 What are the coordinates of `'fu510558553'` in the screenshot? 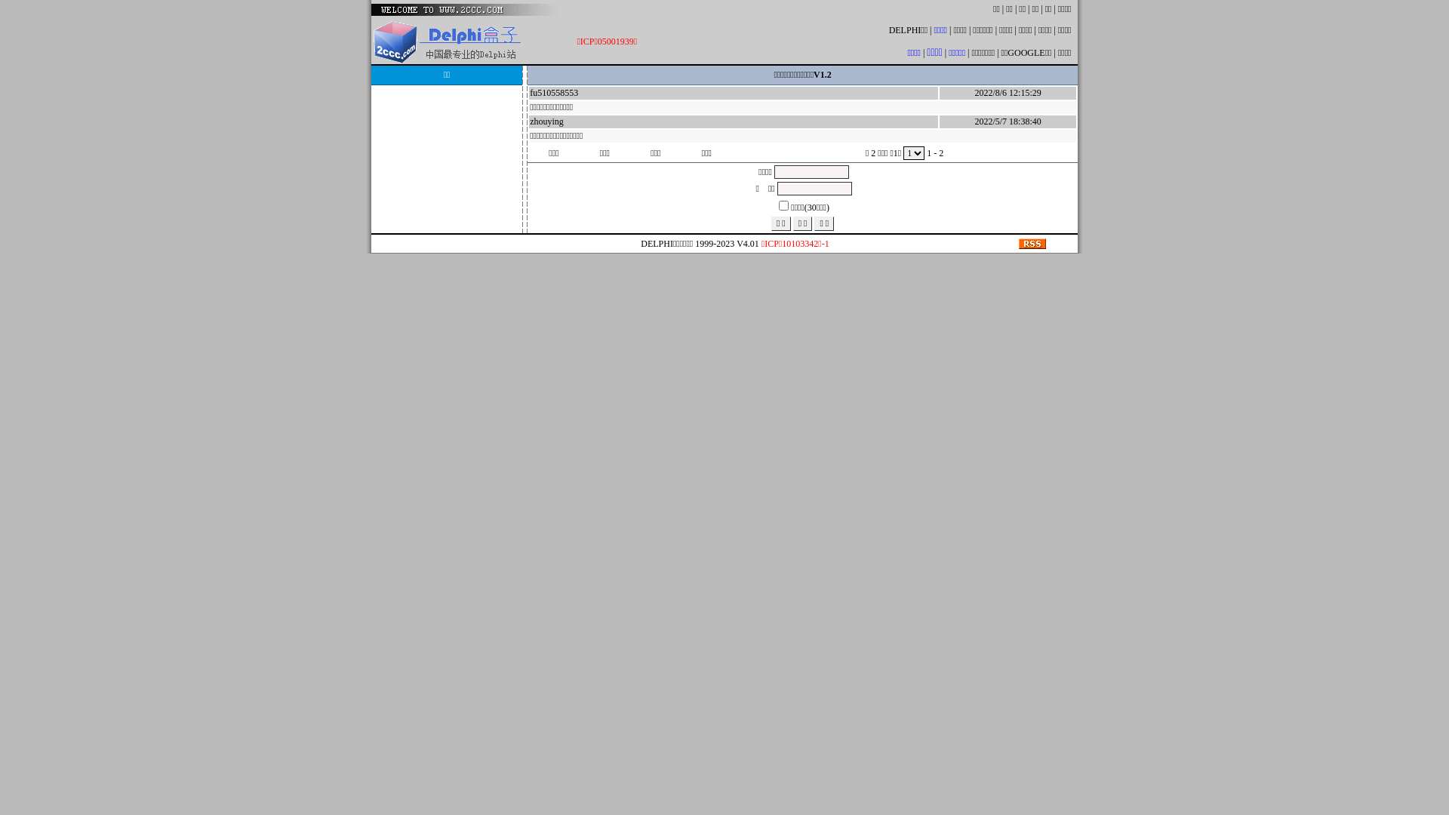 It's located at (553, 93).